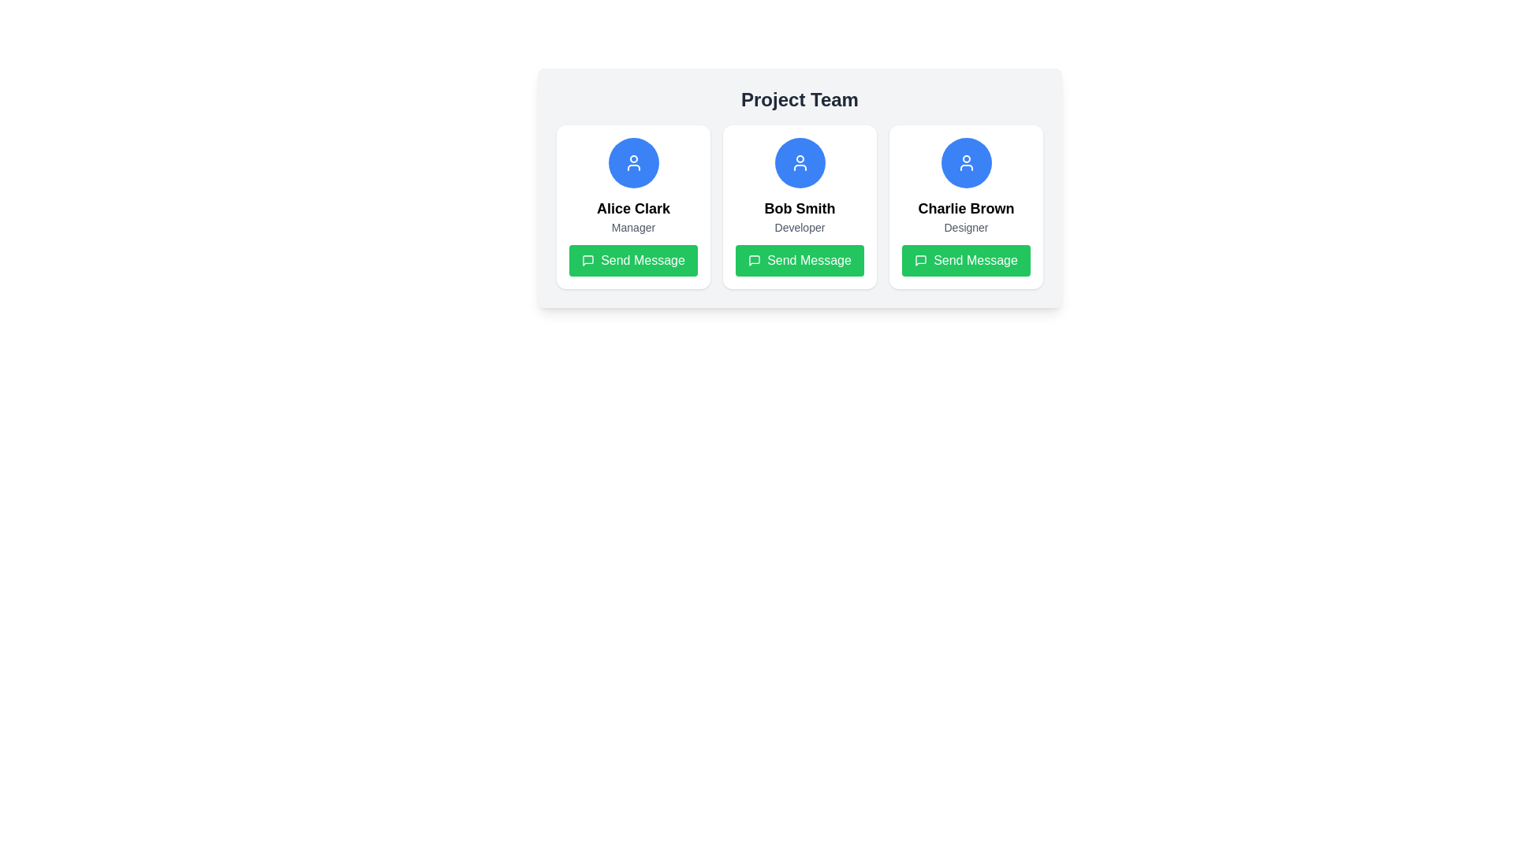 The image size is (1514, 851). I want to click on the Profile card of 'Bob Smith' in the 'Project Team' section to trigger hover effects, so click(800, 188).